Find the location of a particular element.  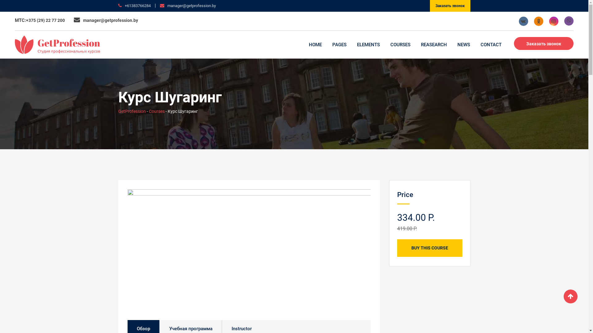

'REASEARCH' is located at coordinates (434, 44).